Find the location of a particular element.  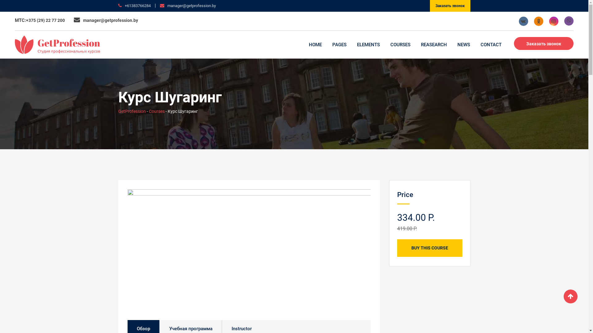

'REASEARCH' is located at coordinates (434, 44).